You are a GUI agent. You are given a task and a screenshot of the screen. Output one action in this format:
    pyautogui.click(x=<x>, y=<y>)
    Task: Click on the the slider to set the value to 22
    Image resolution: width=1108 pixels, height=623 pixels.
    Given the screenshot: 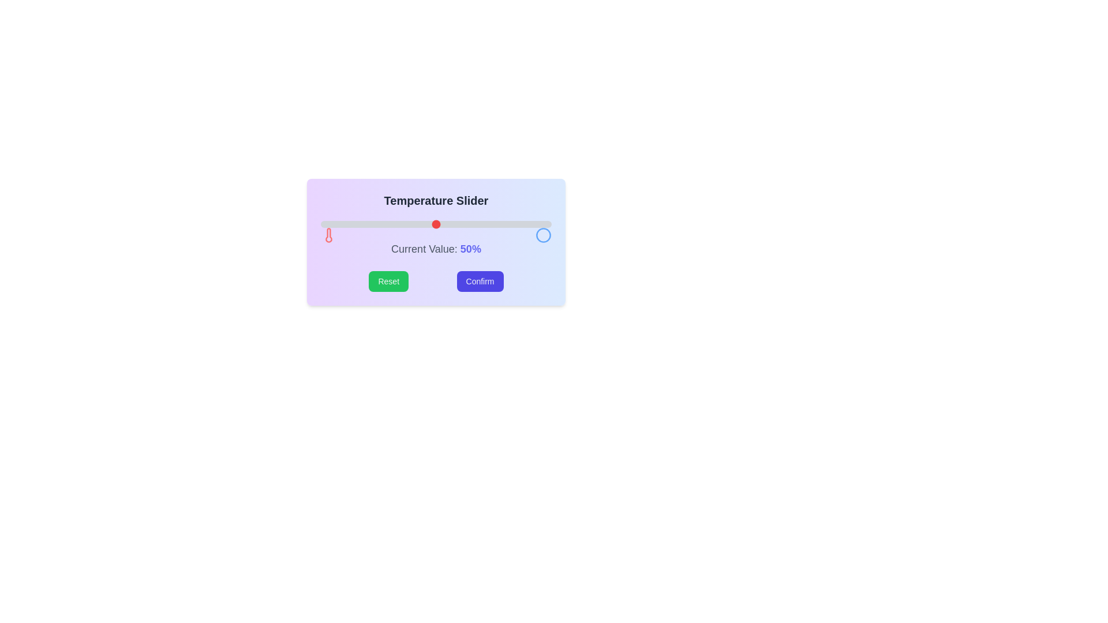 What is the action you would take?
    pyautogui.click(x=371, y=224)
    